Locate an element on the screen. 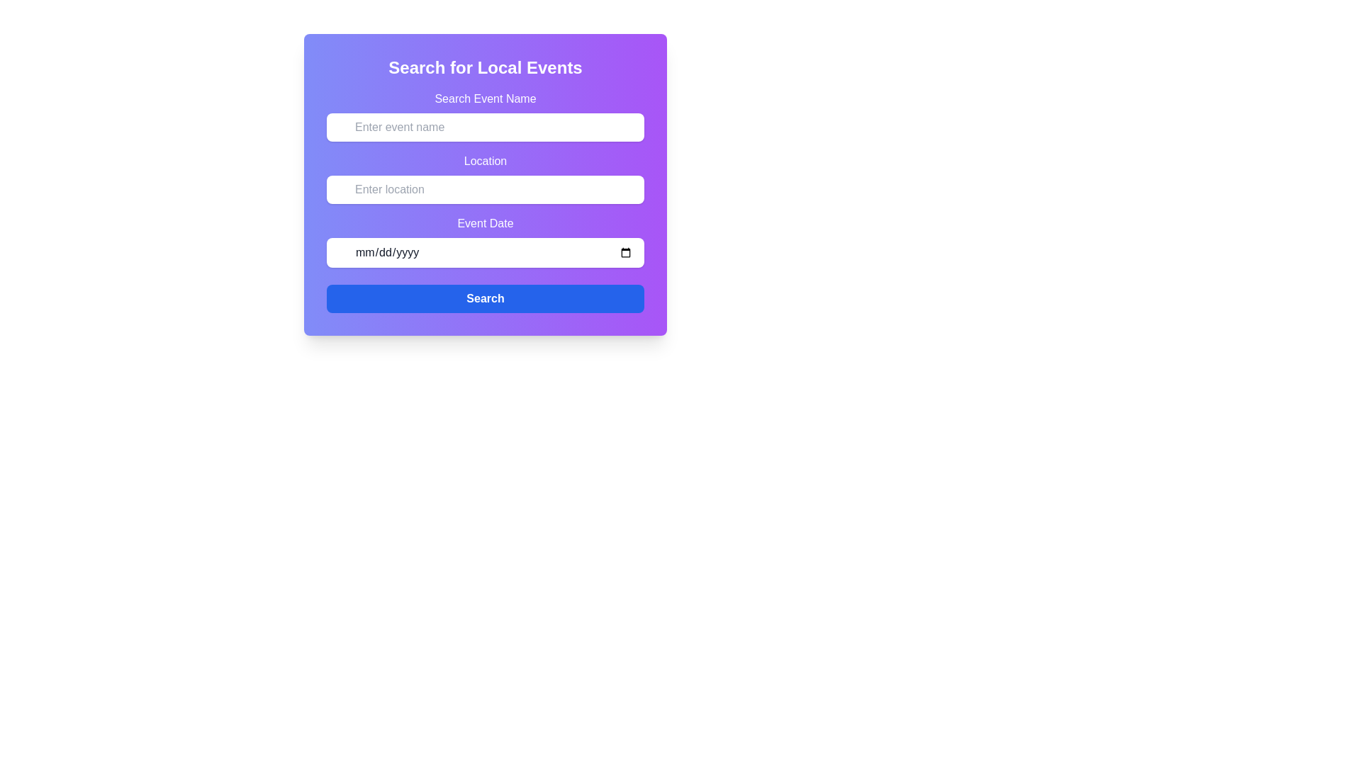 The image size is (1361, 765). text label 'Search Event Name' which is displayed in bold white color above the input field is located at coordinates (486, 98).